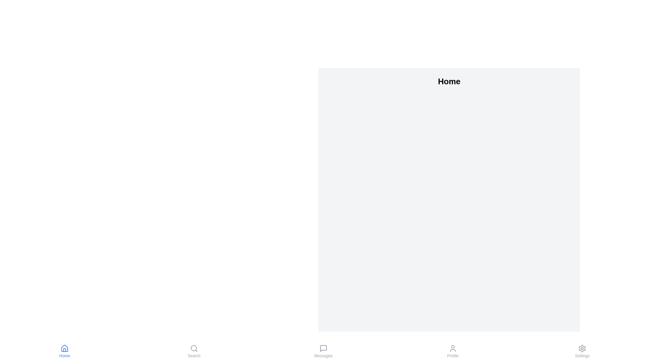  Describe the element at coordinates (323, 351) in the screenshot. I see `the Navigation button that allows users to navigate to the 'Messages' section of the application` at that location.